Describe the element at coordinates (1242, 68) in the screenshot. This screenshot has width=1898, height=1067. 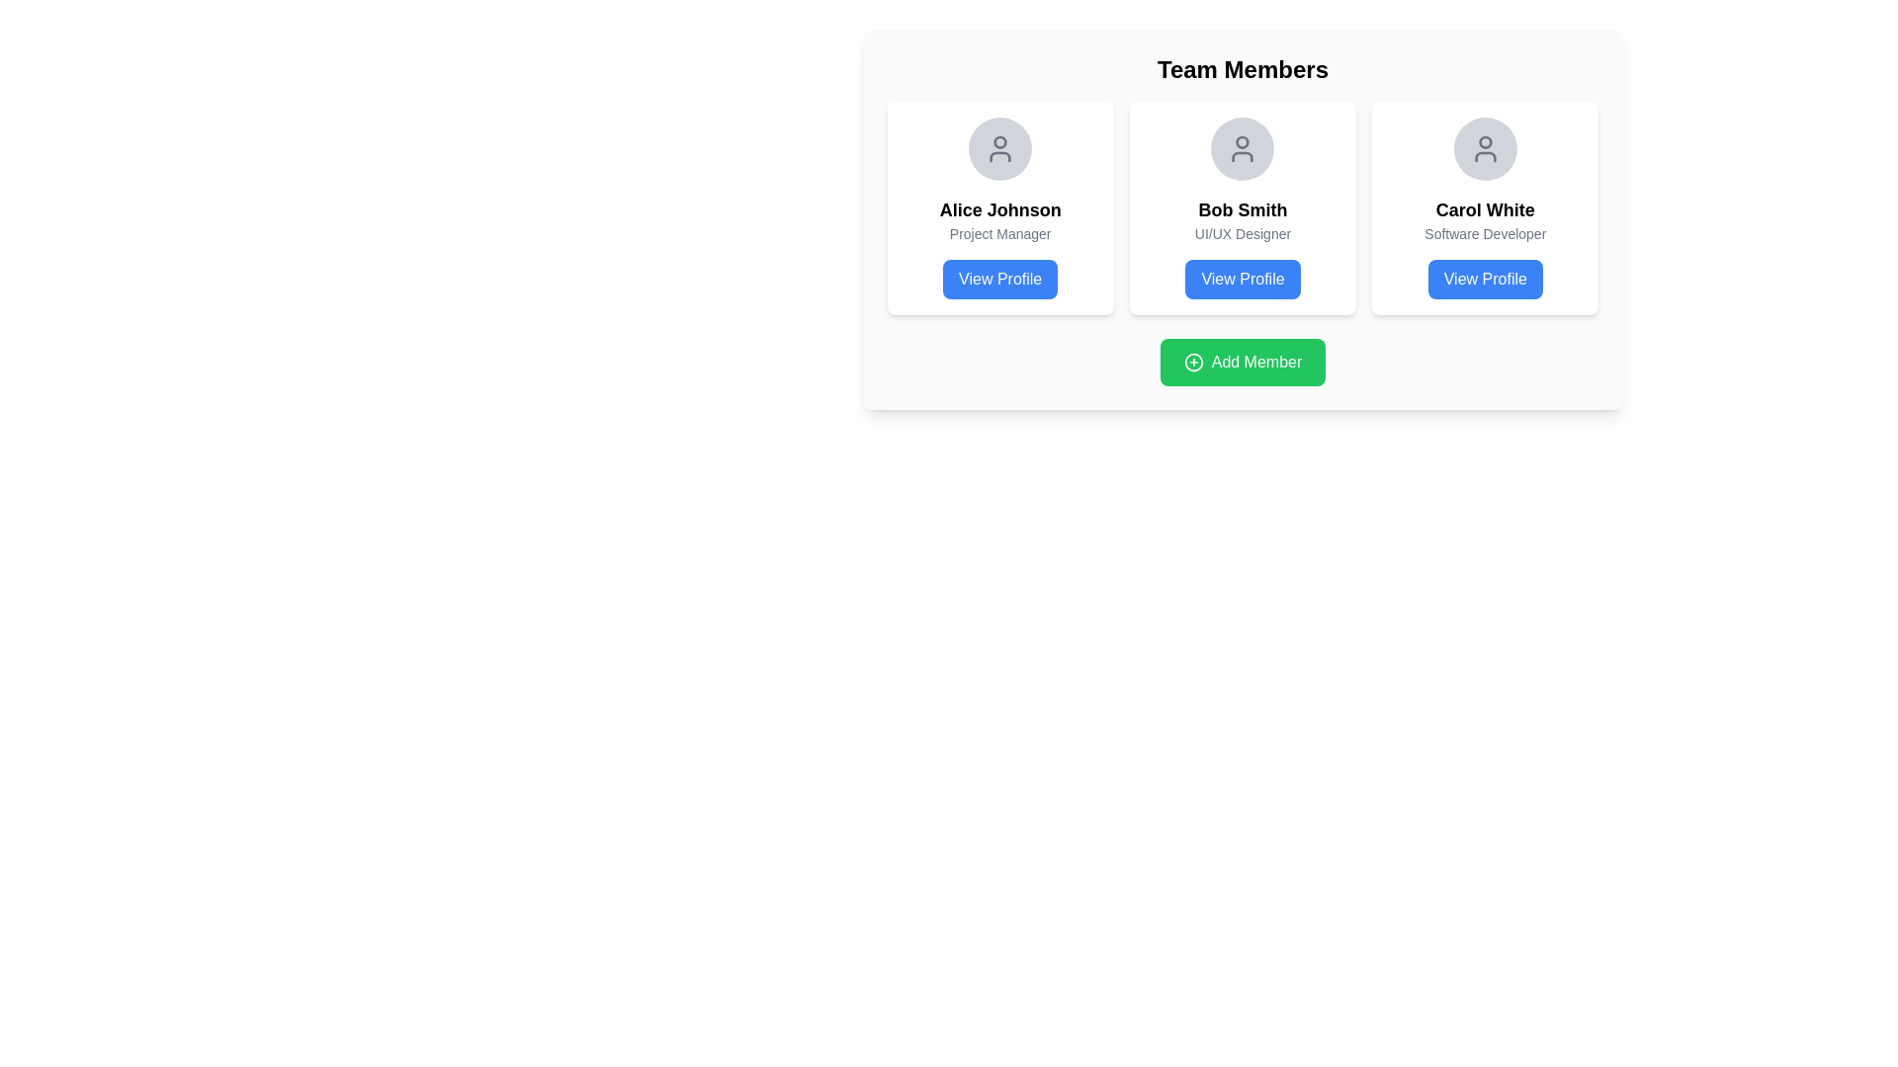
I see `the text label displaying 'Team Members' at the top center of the team members section` at that location.